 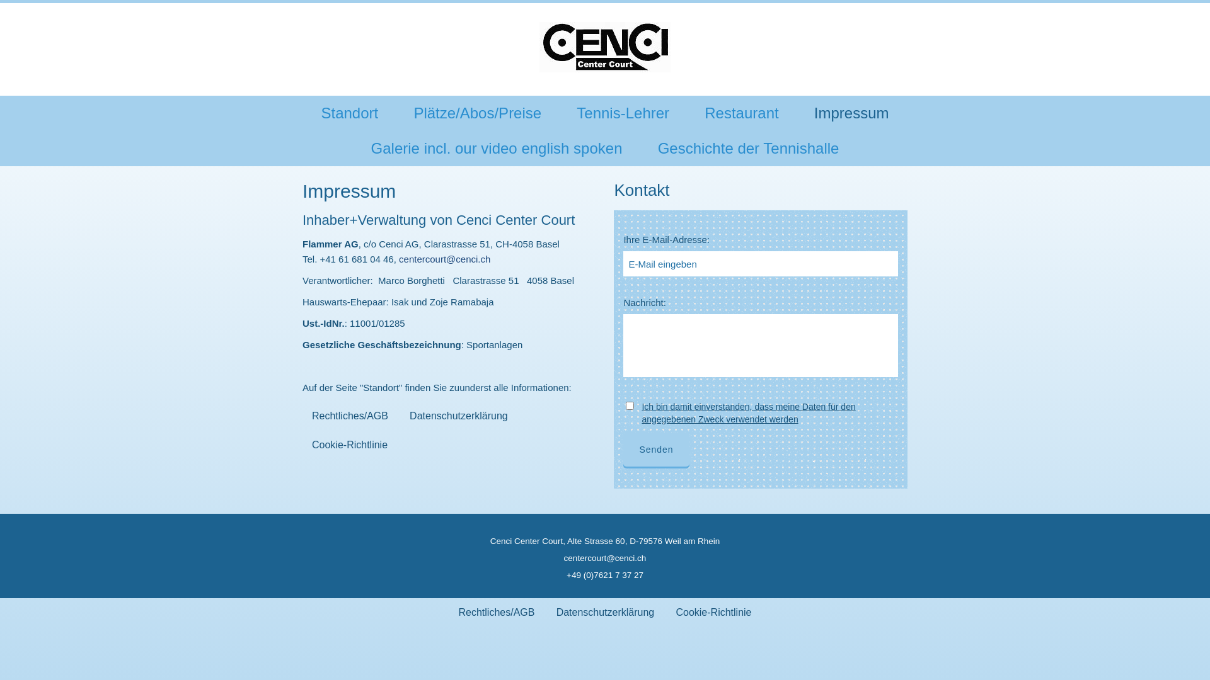 What do you see at coordinates (741, 113) in the screenshot?
I see `'Restaurant'` at bounding box center [741, 113].